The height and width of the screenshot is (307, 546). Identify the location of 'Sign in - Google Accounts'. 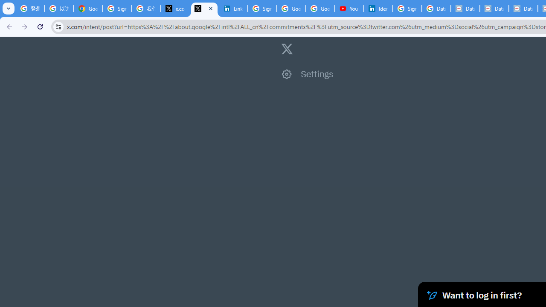
(116, 9).